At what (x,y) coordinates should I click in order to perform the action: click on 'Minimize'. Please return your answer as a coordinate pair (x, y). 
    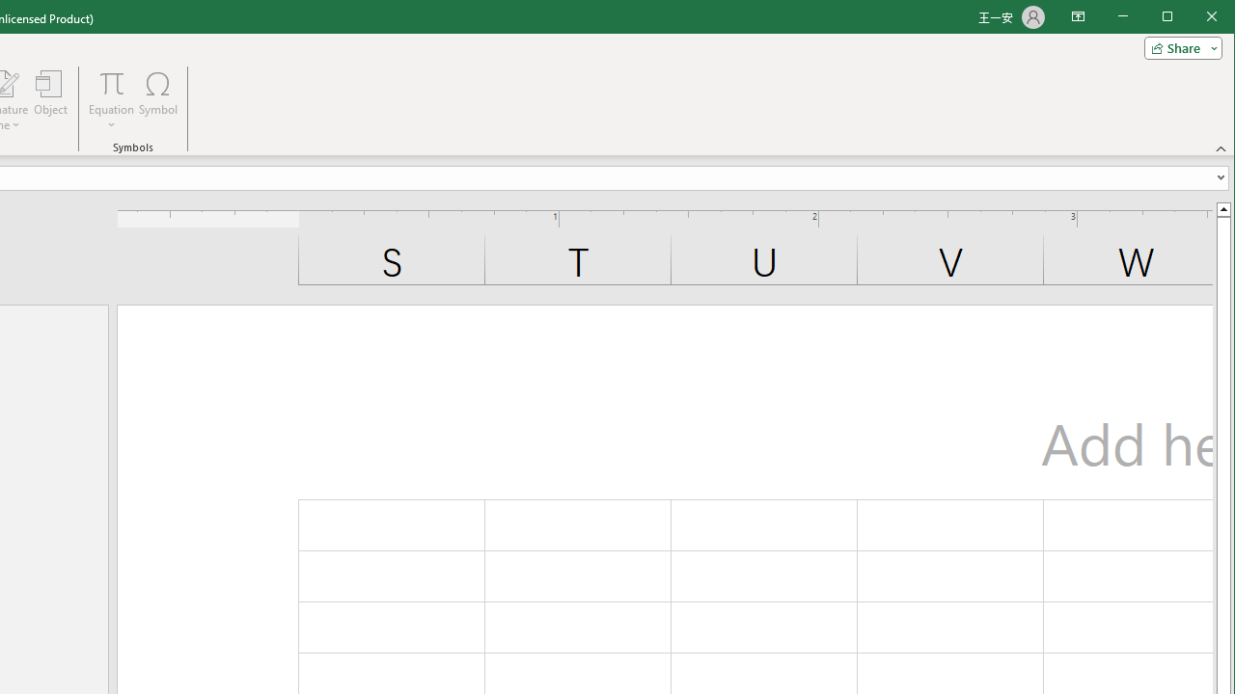
    Looking at the image, I should click on (1172, 18).